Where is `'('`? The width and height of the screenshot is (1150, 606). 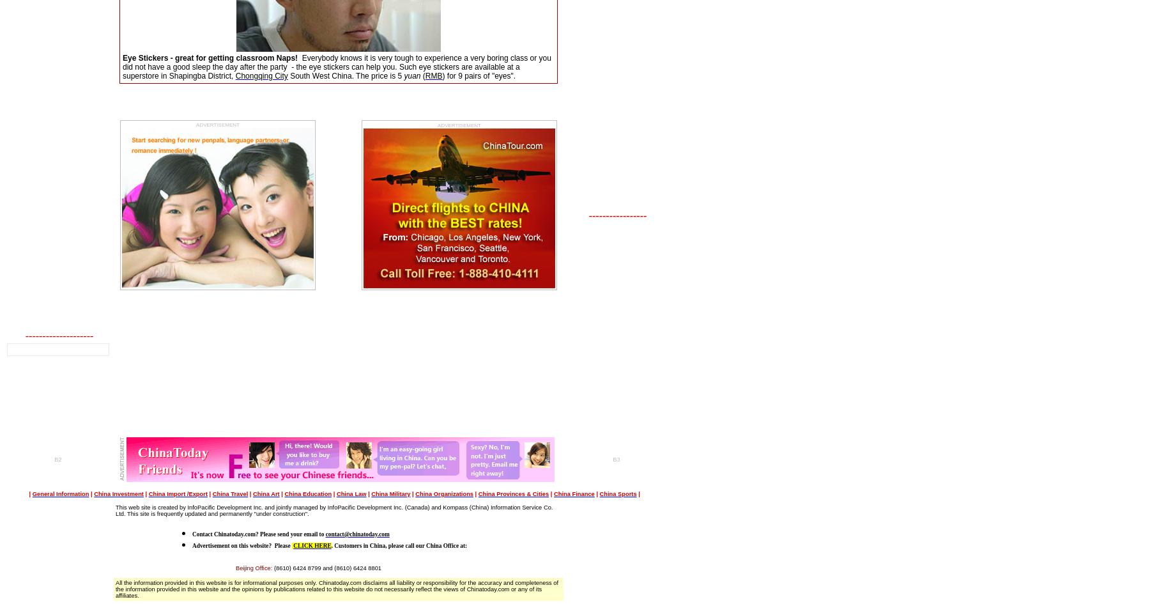 '(' is located at coordinates (422, 75).